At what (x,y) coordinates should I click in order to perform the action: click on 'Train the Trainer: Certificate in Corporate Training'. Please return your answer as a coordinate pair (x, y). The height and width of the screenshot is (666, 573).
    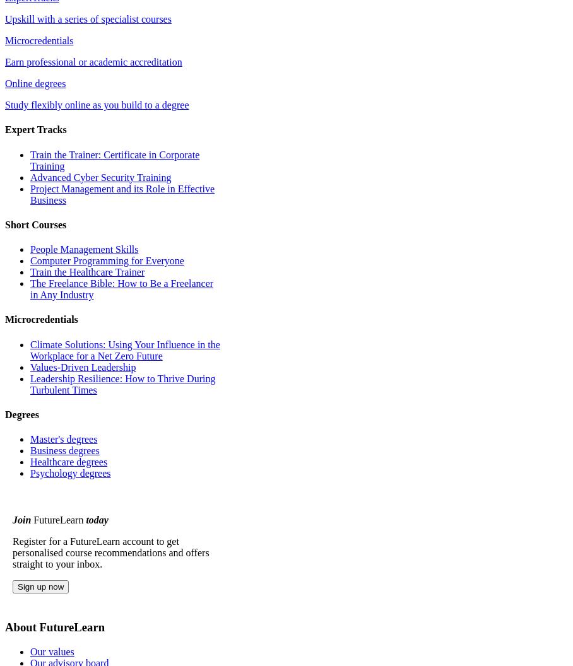
    Looking at the image, I should click on (30, 159).